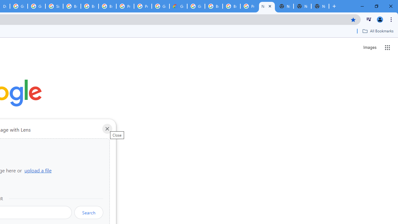  I want to click on 'Restore', so click(376, 6).